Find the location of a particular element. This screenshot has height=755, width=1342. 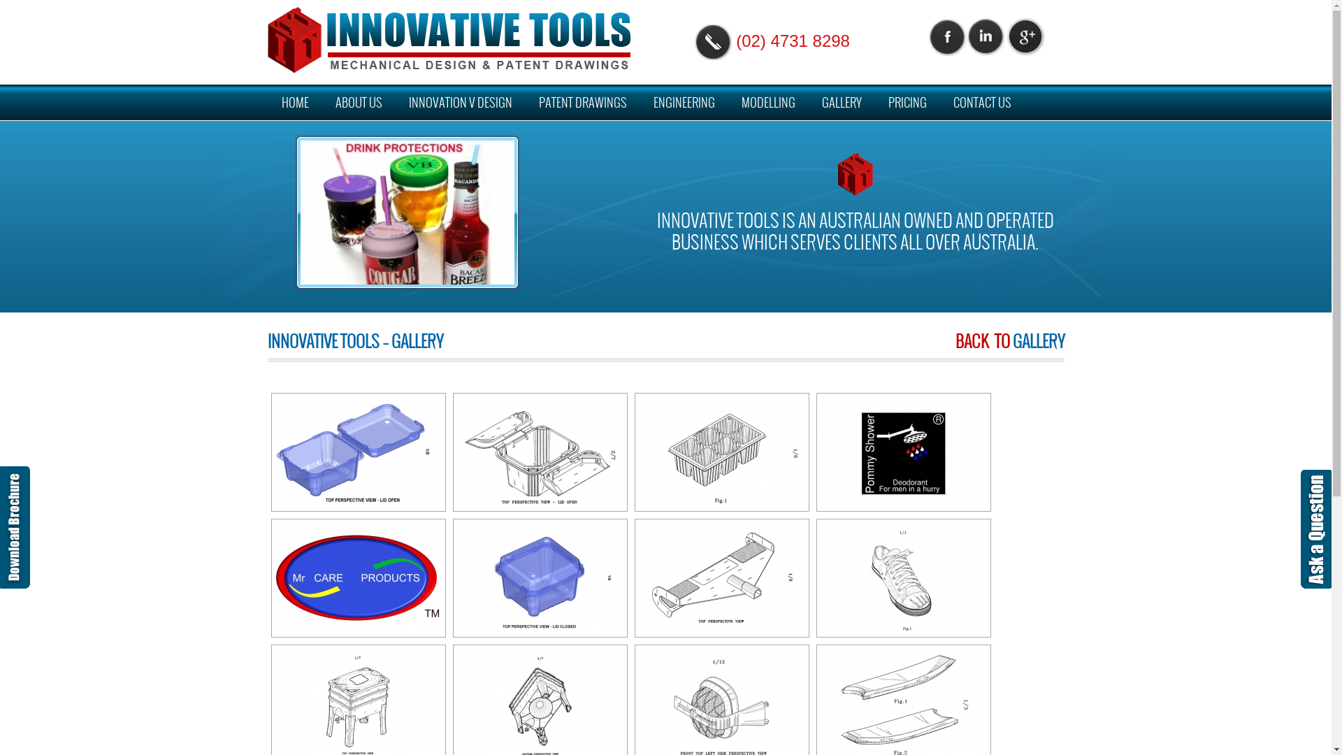

'HOME' is located at coordinates (268, 101).